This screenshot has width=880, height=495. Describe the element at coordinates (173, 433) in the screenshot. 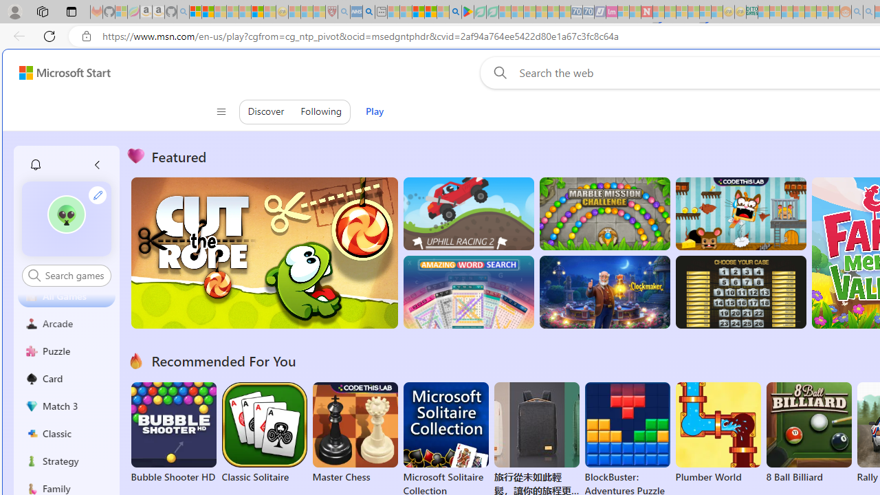

I see `'Bubble Shooter HD'` at that location.